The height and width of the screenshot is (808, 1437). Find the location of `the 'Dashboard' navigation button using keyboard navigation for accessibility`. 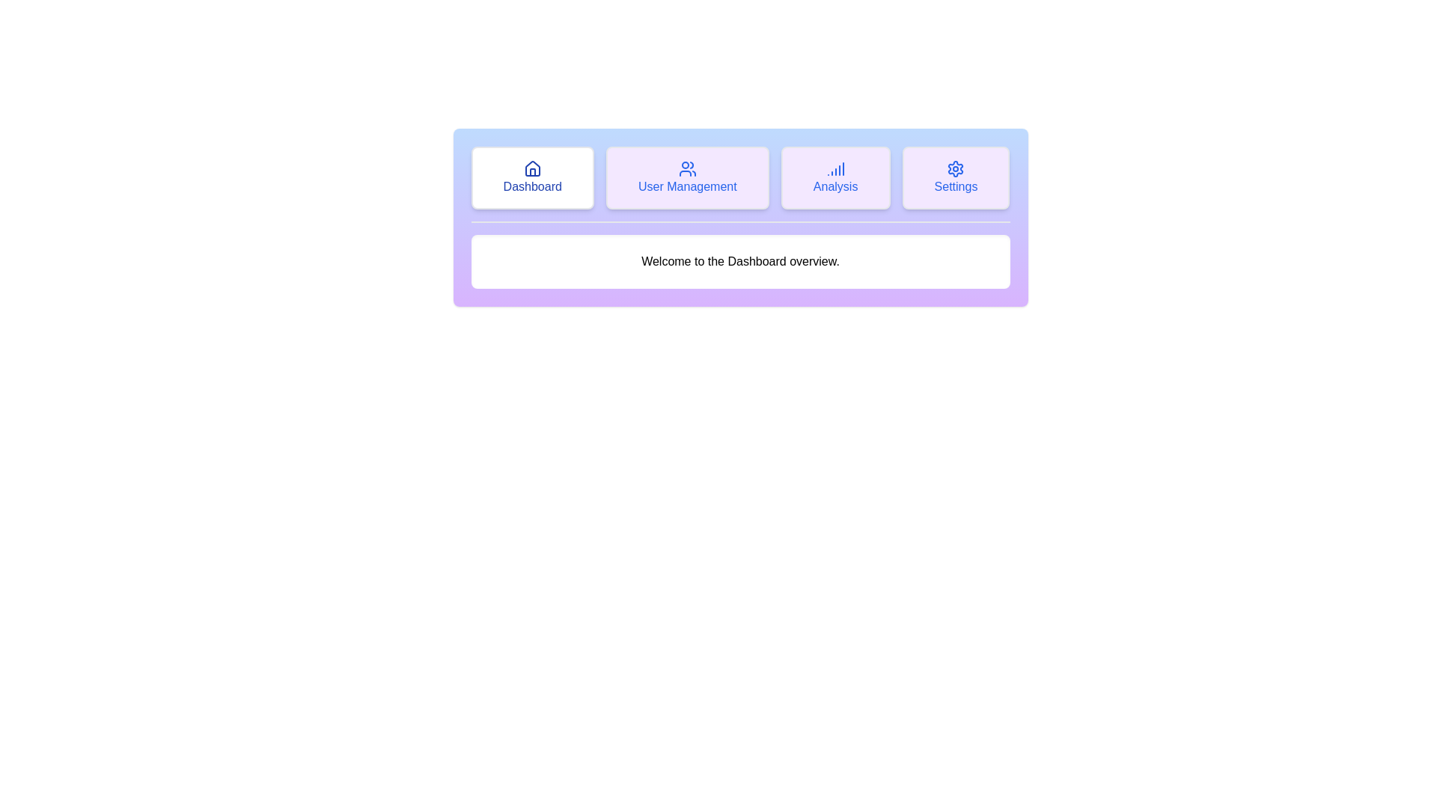

the 'Dashboard' navigation button using keyboard navigation for accessibility is located at coordinates (532, 177).